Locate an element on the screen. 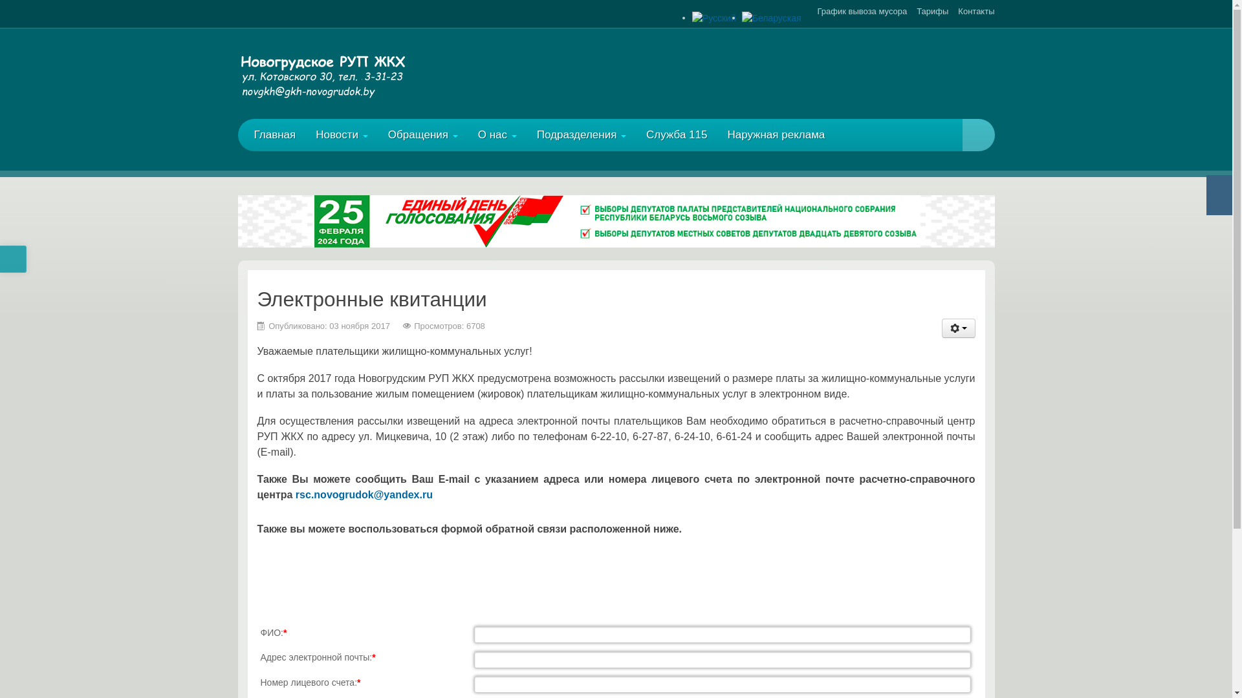 The image size is (1242, 698). 'rsc.novogrudok@yandex.ru' is located at coordinates (363, 494).